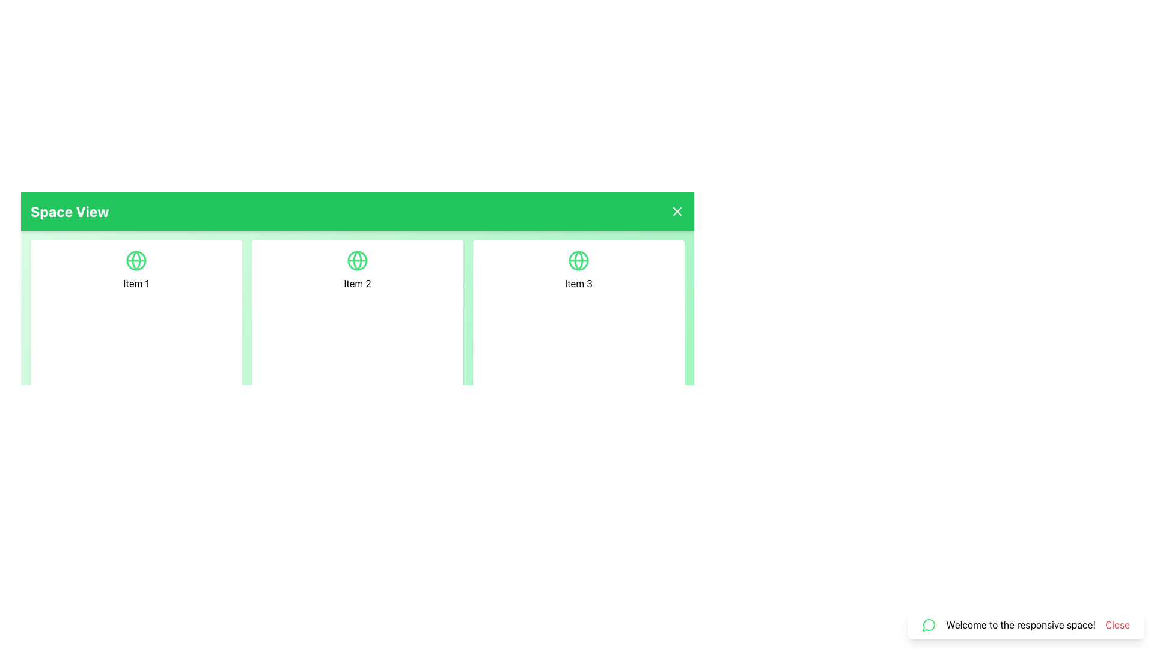 Image resolution: width=1154 pixels, height=649 pixels. Describe the element at coordinates (579, 283) in the screenshot. I see `the text label inside the rightmost card of the three evenly spaced cards in a white rectangular panel` at that location.